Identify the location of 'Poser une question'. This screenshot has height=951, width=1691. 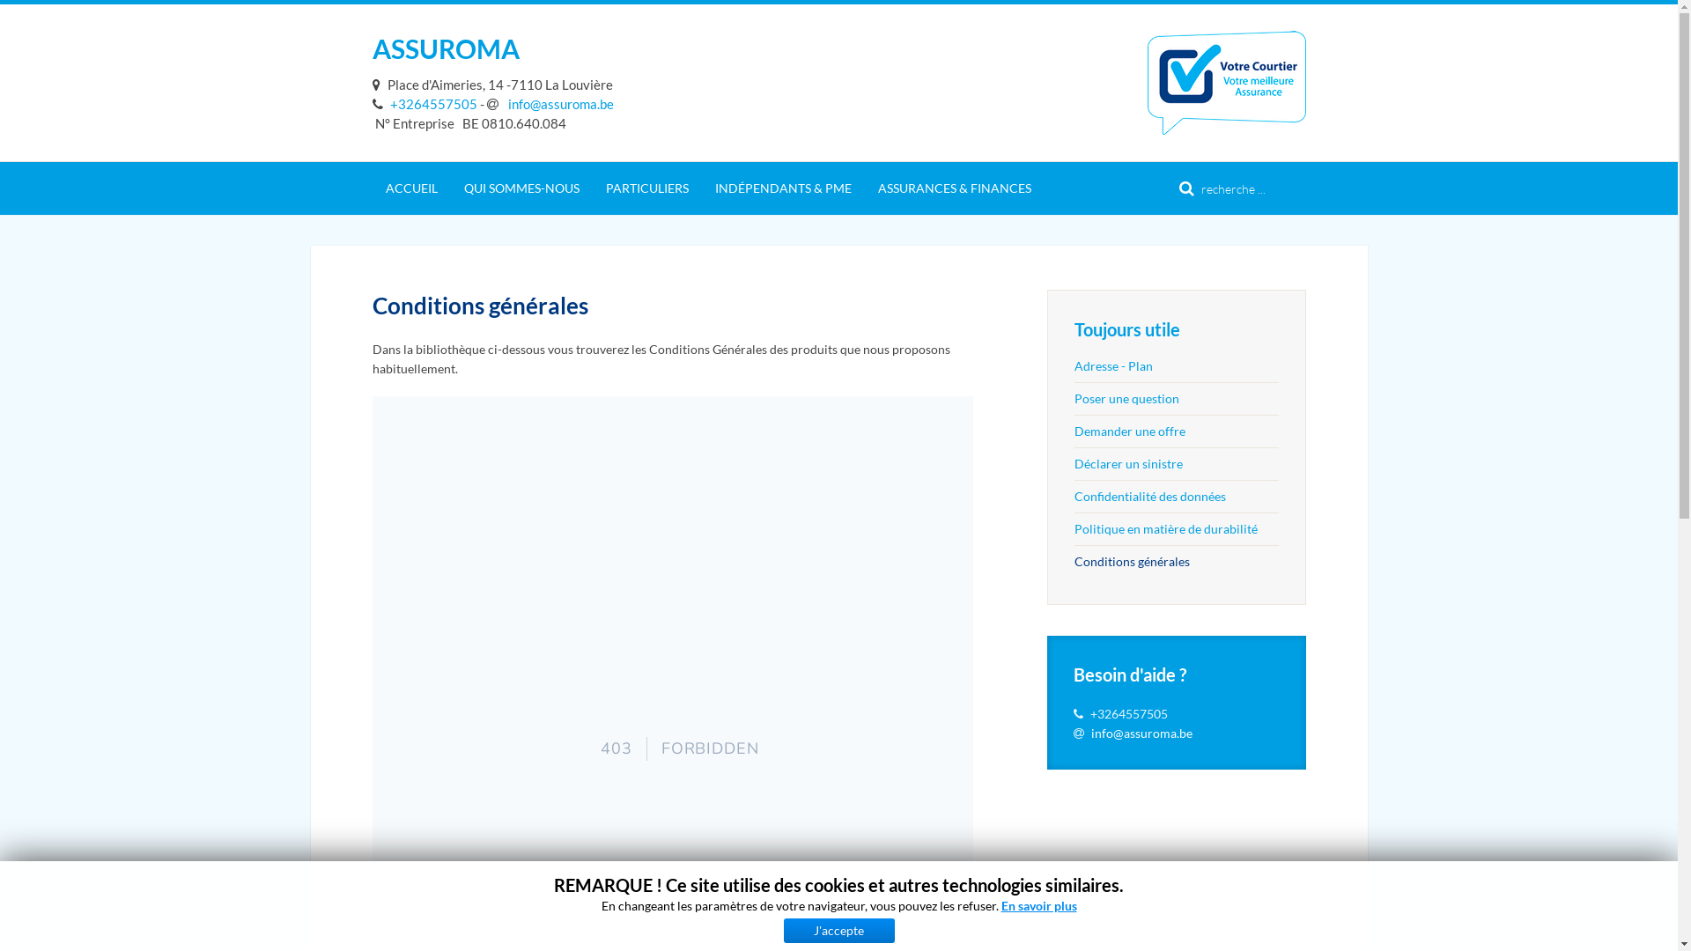
(1176, 398).